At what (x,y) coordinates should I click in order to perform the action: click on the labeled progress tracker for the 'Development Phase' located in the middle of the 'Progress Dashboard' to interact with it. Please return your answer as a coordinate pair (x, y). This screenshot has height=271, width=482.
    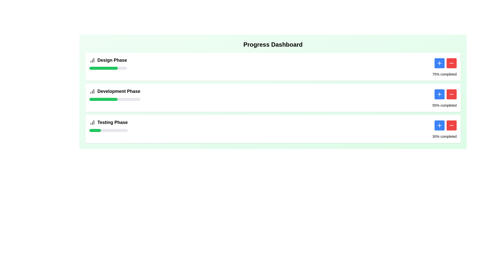
    Looking at the image, I should click on (114, 94).